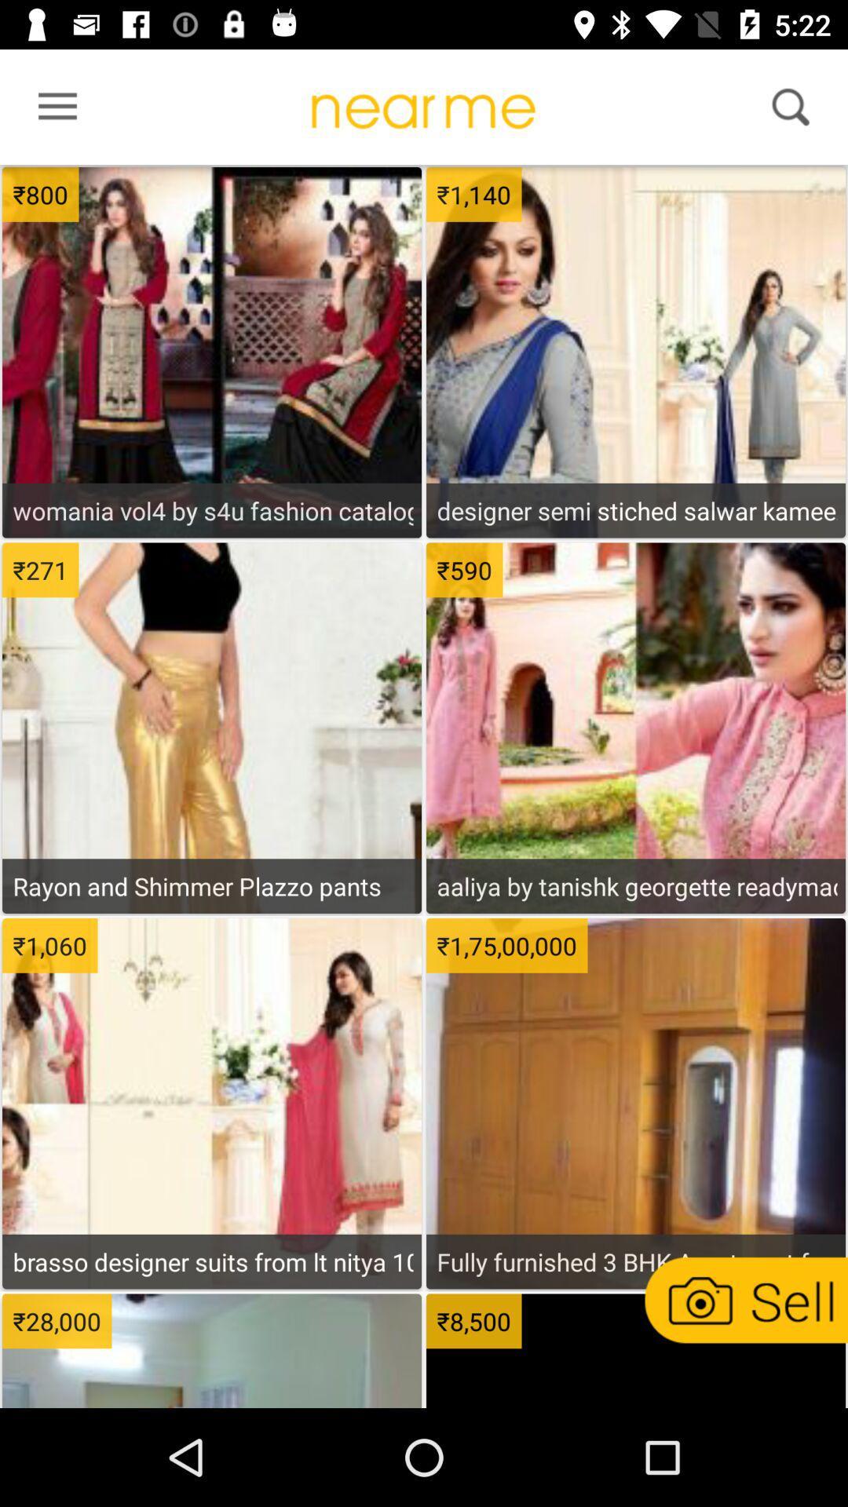 The width and height of the screenshot is (848, 1507). I want to click on the icon below 1 75 00 icon, so click(636, 1261).